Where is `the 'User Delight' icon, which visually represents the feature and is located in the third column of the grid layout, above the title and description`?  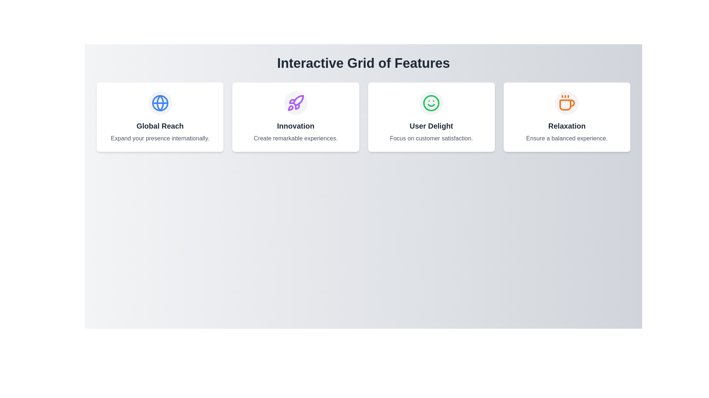
the 'User Delight' icon, which visually represents the feature and is located in the third column of the grid layout, above the title and description is located at coordinates (431, 103).